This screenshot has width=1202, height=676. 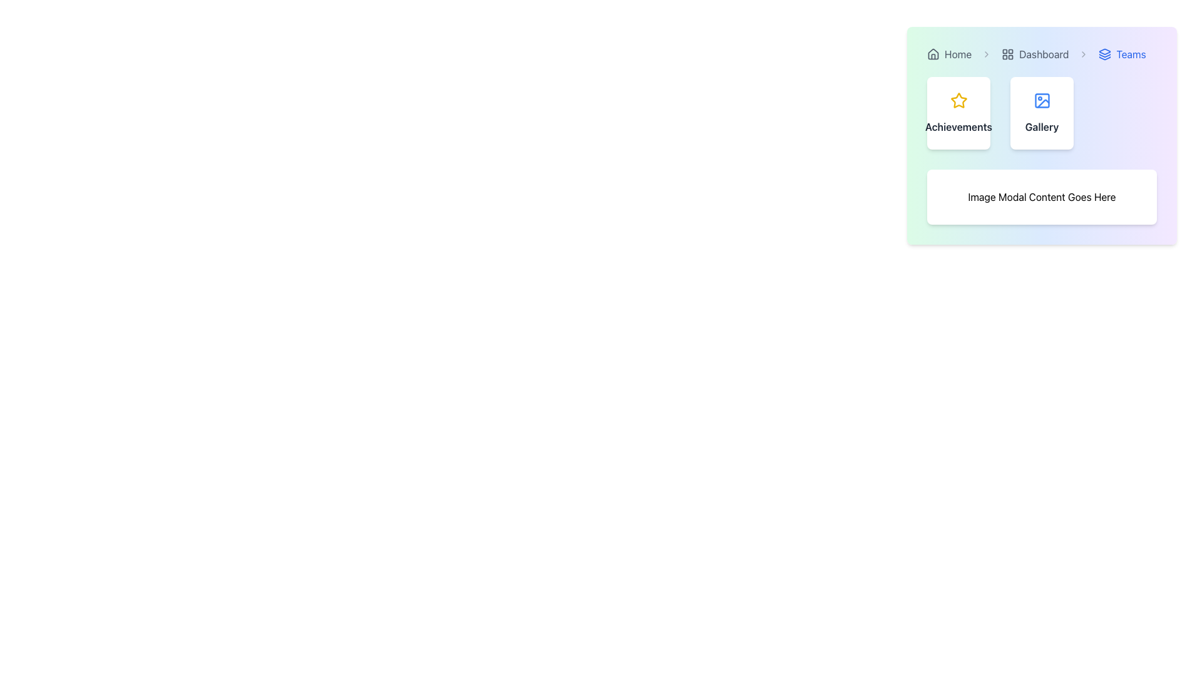 I want to click on the icon and text of the 'Gallery' button, which is a rectangular button with a white background, a blue picture frame icon, and the text 'Gallery' in bold black font, so click(x=1042, y=113).